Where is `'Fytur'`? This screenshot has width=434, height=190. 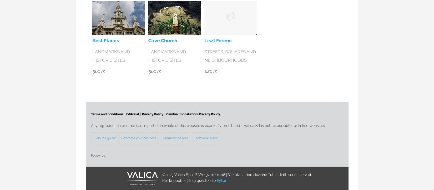 'Fytur' is located at coordinates (221, 180).